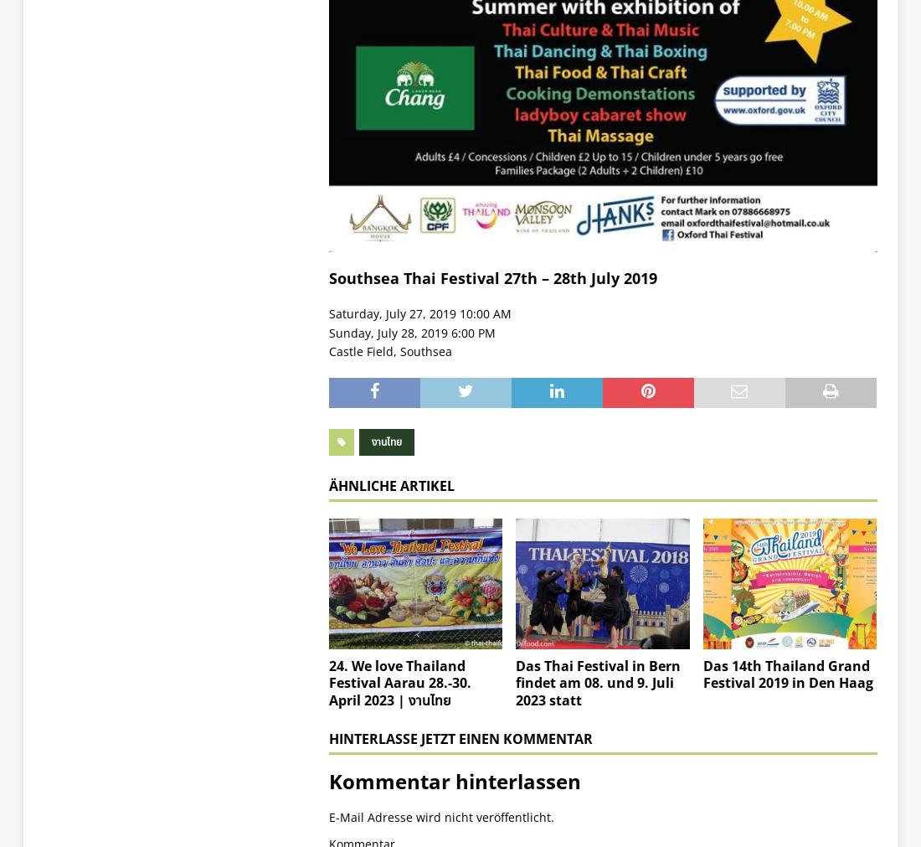  What do you see at coordinates (398, 681) in the screenshot?
I see `'24. We love Thailand Festival Aarau 28.-30. April 2023 | งานไทย'` at bounding box center [398, 681].